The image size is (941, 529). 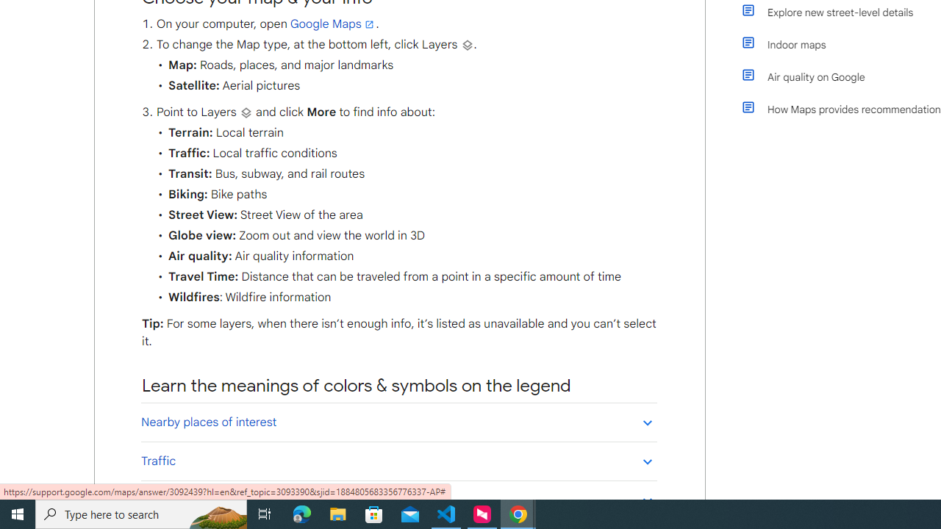 What do you see at coordinates (332, 24) in the screenshot?
I see `'Google Maps'` at bounding box center [332, 24].